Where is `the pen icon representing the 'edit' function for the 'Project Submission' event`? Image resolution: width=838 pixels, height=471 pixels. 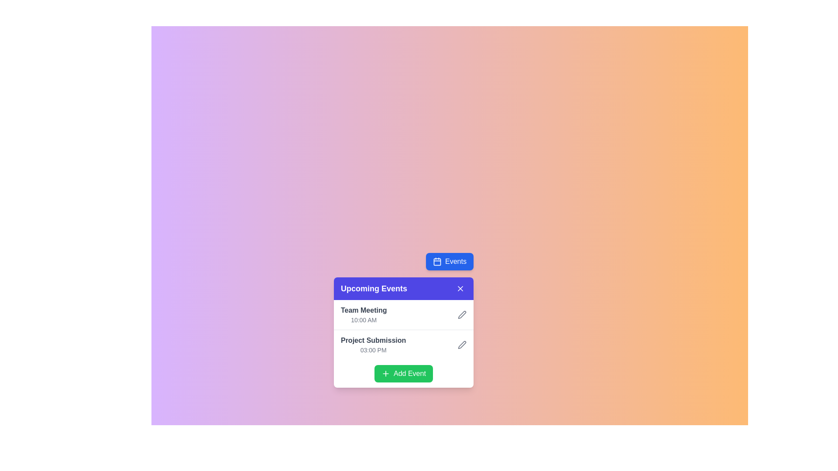 the pen icon representing the 'edit' function for the 'Project Submission' event is located at coordinates (461, 314).